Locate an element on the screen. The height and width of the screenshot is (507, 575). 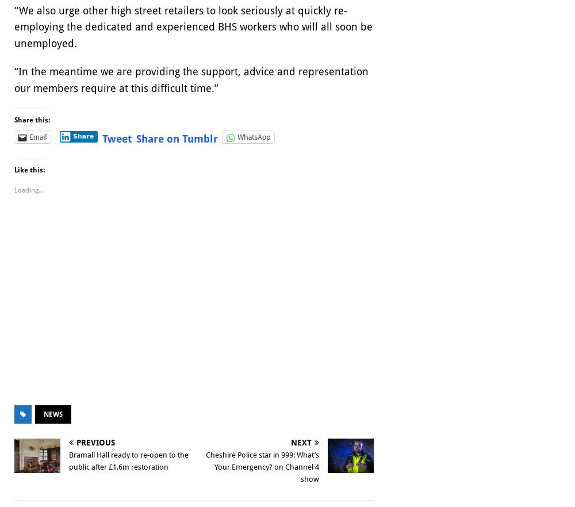
'Loading...' is located at coordinates (14, 190).